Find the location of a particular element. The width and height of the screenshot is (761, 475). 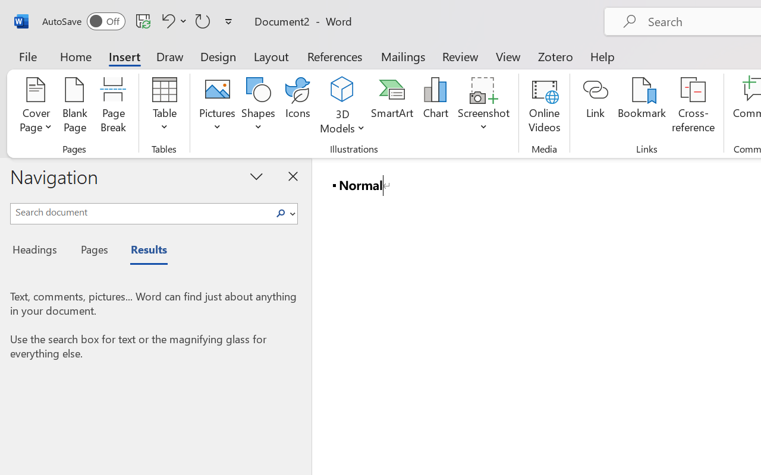

'Table' is located at coordinates (164, 106).